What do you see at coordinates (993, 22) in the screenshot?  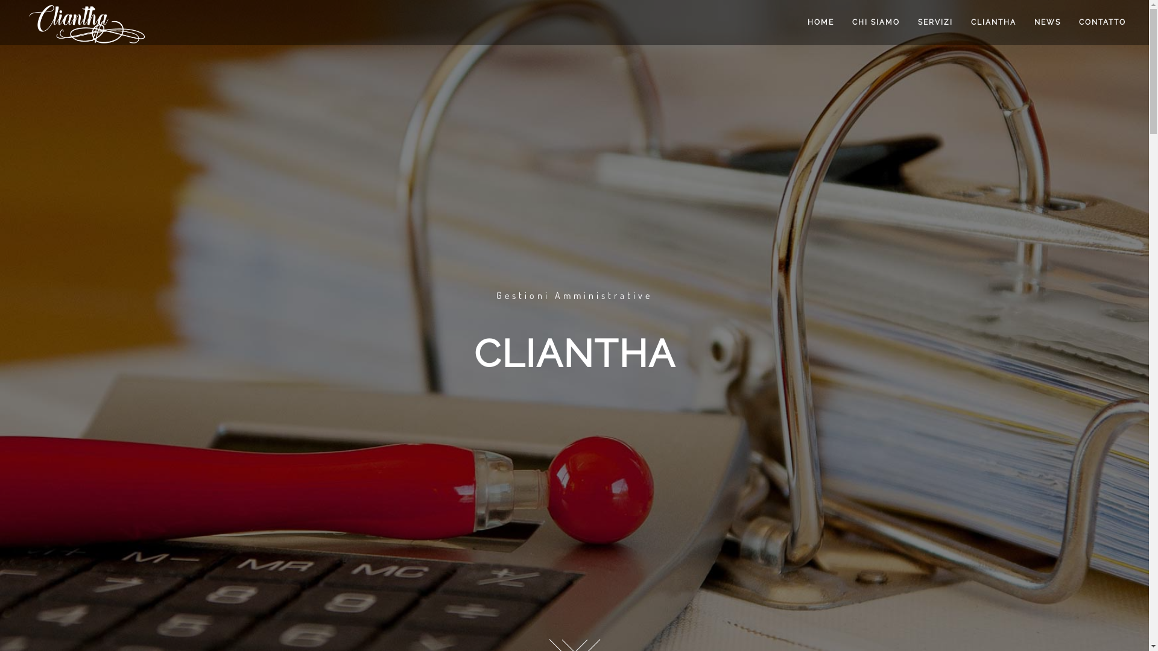 I see `'CLIANTHA'` at bounding box center [993, 22].